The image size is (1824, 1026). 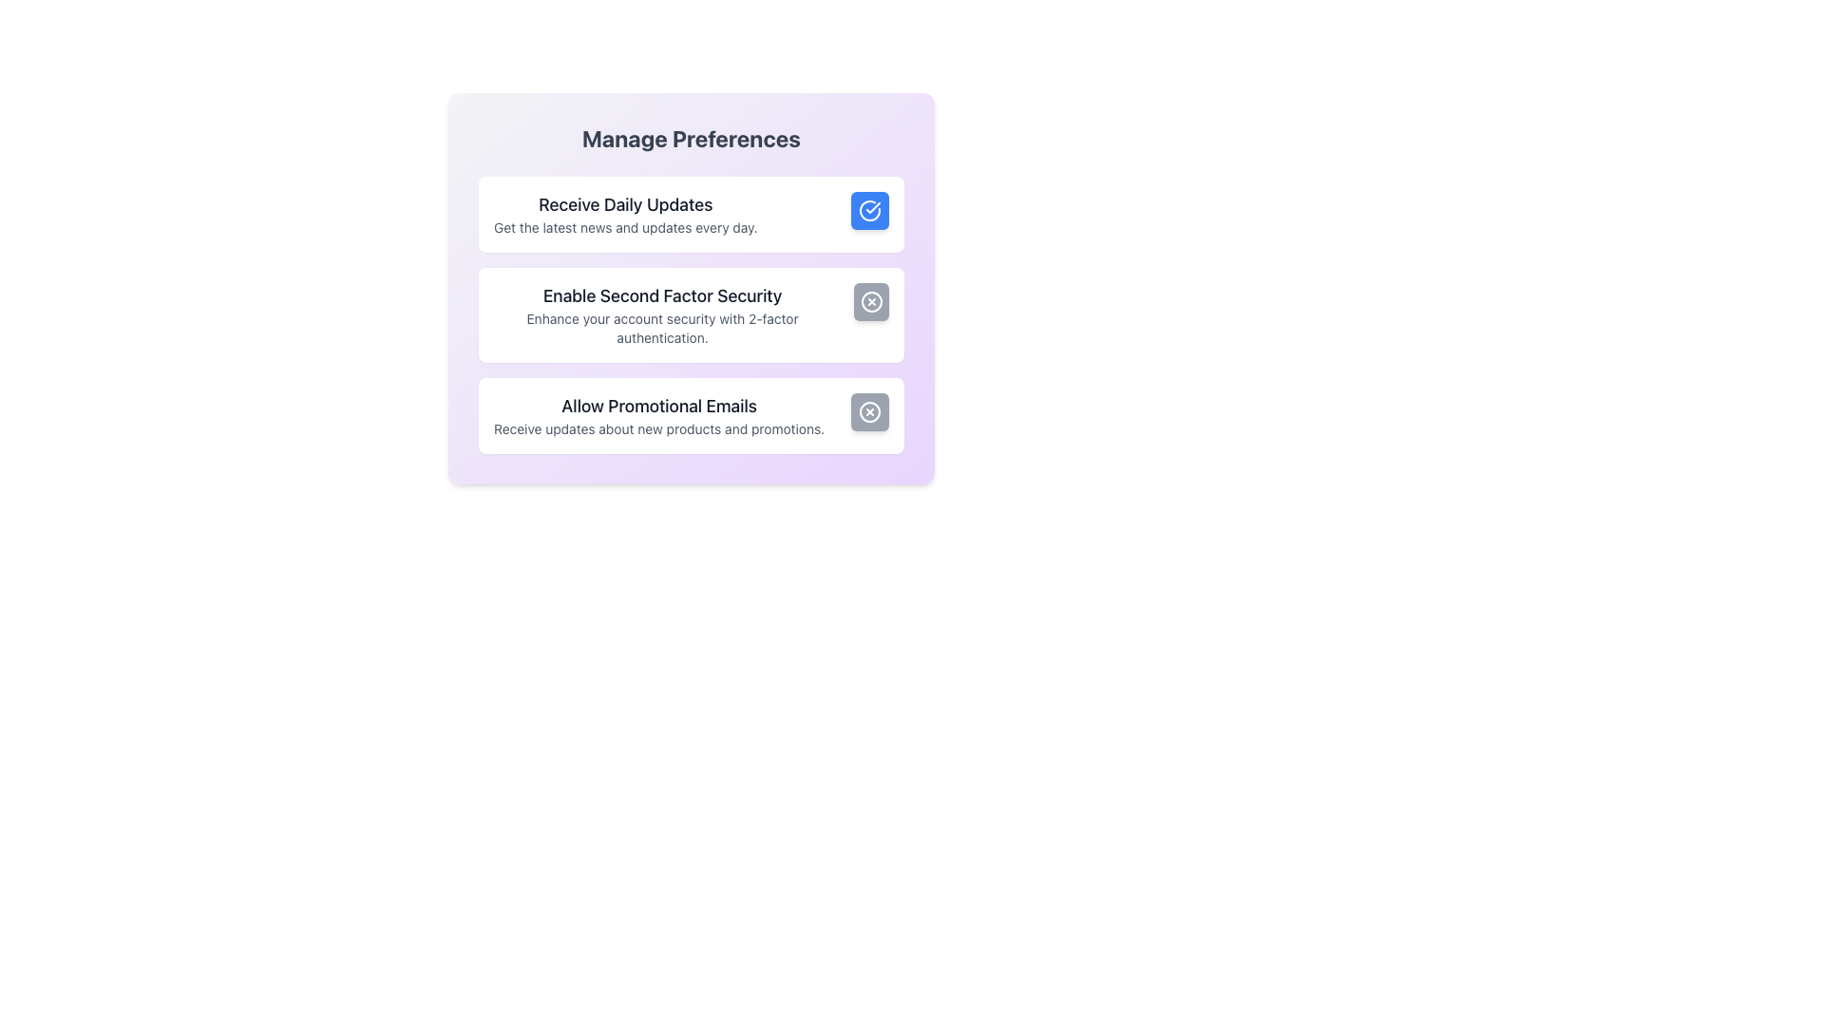 I want to click on the Text Group that encourages users to enable two-factor authentication, located at the center of the card between 'Receive Daily Updates' and 'Allow Promotional Emails', so click(x=662, y=313).